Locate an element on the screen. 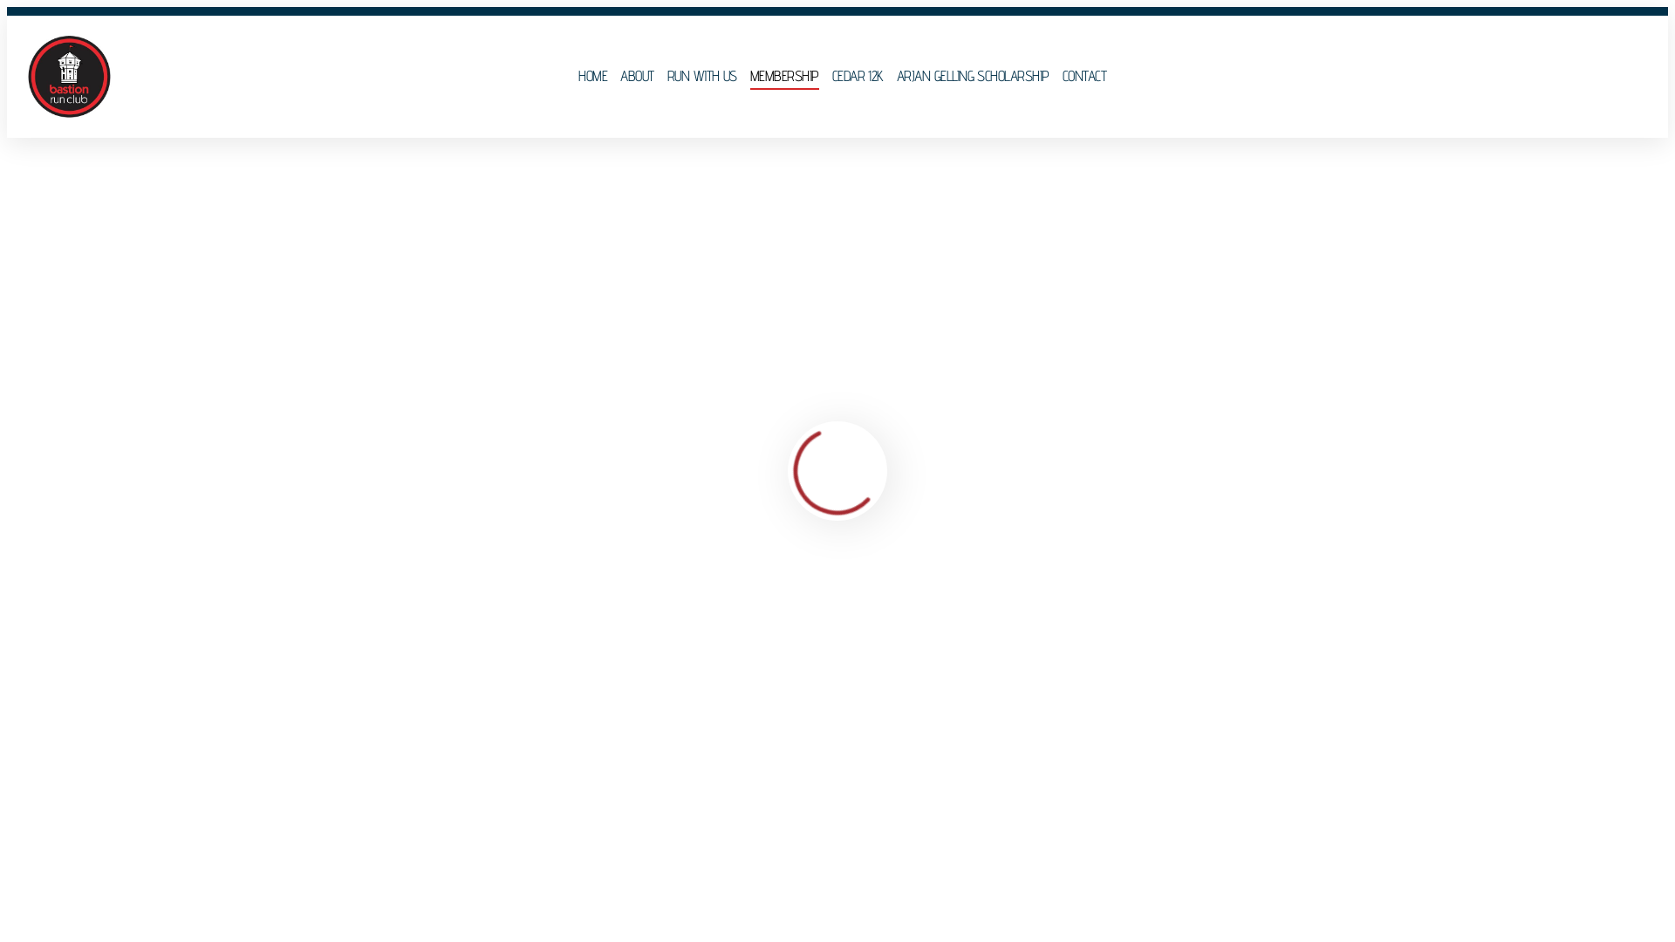 Image resolution: width=1675 pixels, height=942 pixels. 'CONTACT' is located at coordinates (1084, 76).